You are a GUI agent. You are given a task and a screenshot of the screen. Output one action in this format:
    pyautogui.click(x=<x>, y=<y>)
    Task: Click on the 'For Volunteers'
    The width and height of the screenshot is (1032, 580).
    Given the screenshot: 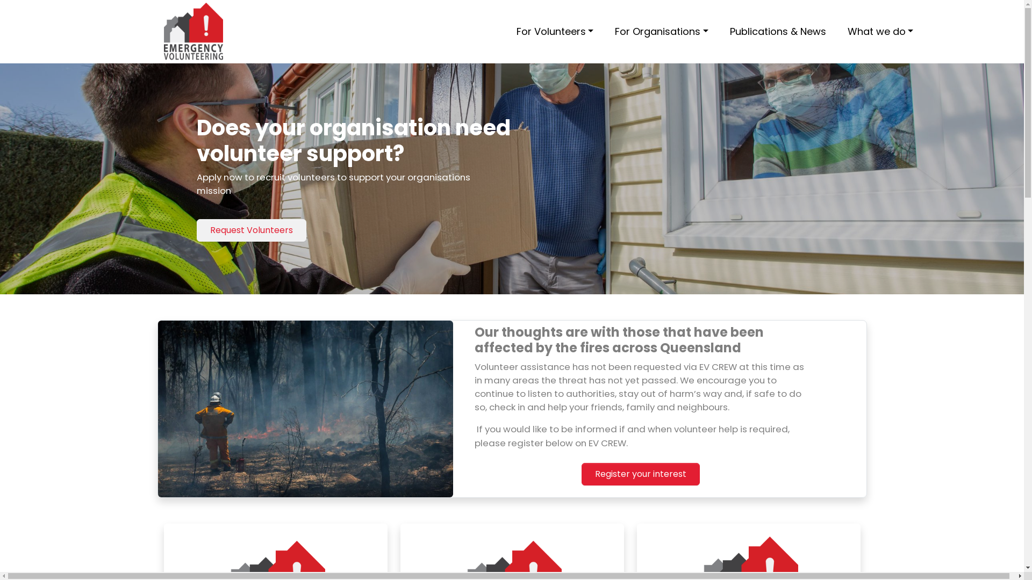 What is the action you would take?
    pyautogui.click(x=511, y=31)
    